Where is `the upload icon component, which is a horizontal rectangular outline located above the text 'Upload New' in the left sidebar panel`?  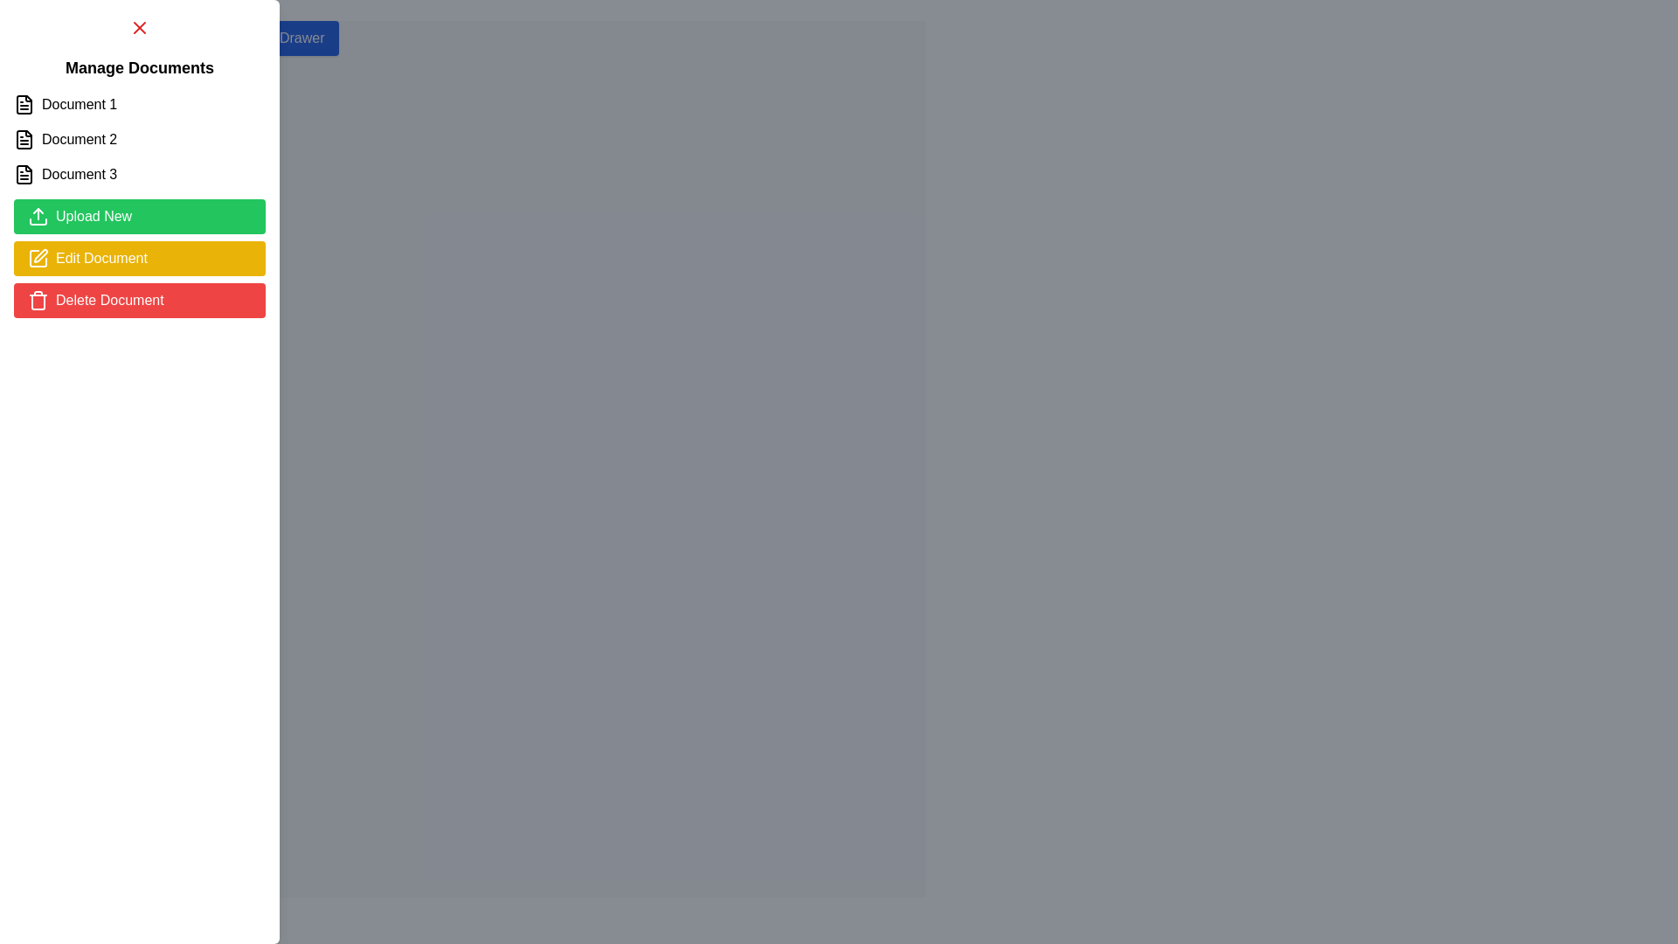
the upload icon component, which is a horizontal rectangular outline located above the text 'Upload New' in the left sidebar panel is located at coordinates (38, 221).